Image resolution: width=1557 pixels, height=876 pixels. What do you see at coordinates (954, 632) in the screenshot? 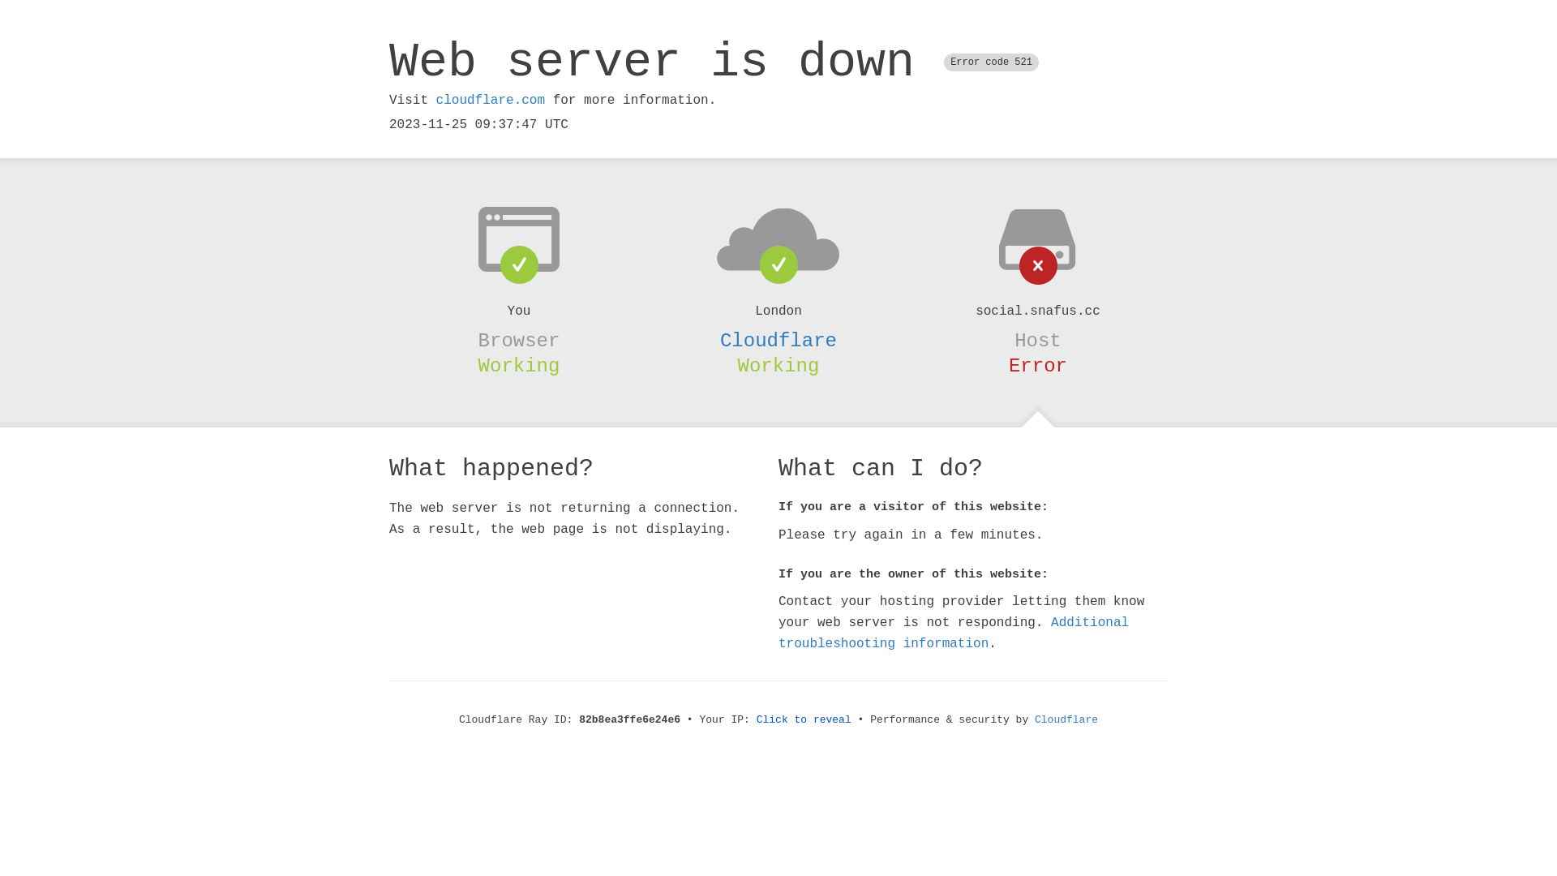
I see `'Additional troubleshooting information'` at bounding box center [954, 632].